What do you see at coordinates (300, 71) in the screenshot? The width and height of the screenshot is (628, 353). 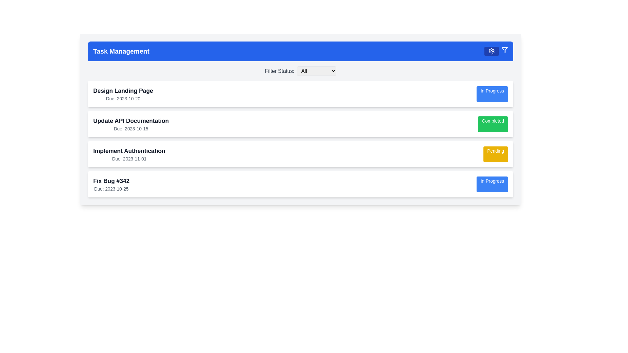 I see `an option from the dropdown menu located below the 'Task Management' header, which allows filtering tasks by their status` at bounding box center [300, 71].